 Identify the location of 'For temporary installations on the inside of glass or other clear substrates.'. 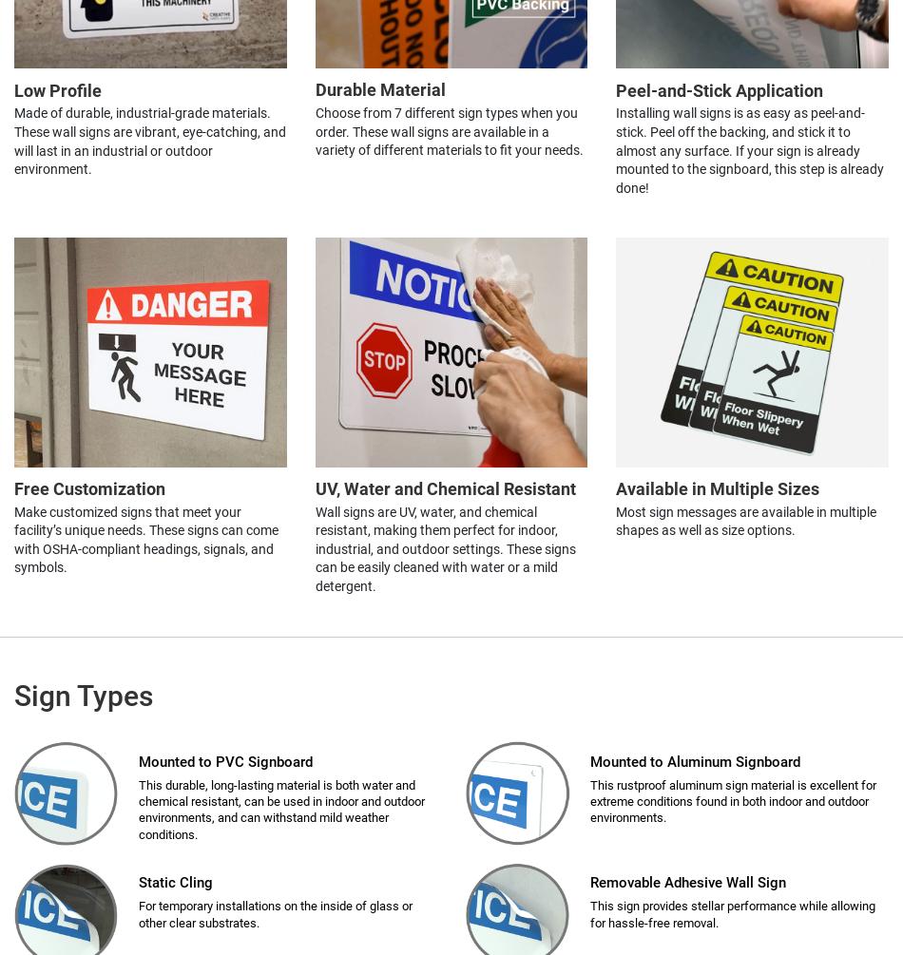
(275, 912).